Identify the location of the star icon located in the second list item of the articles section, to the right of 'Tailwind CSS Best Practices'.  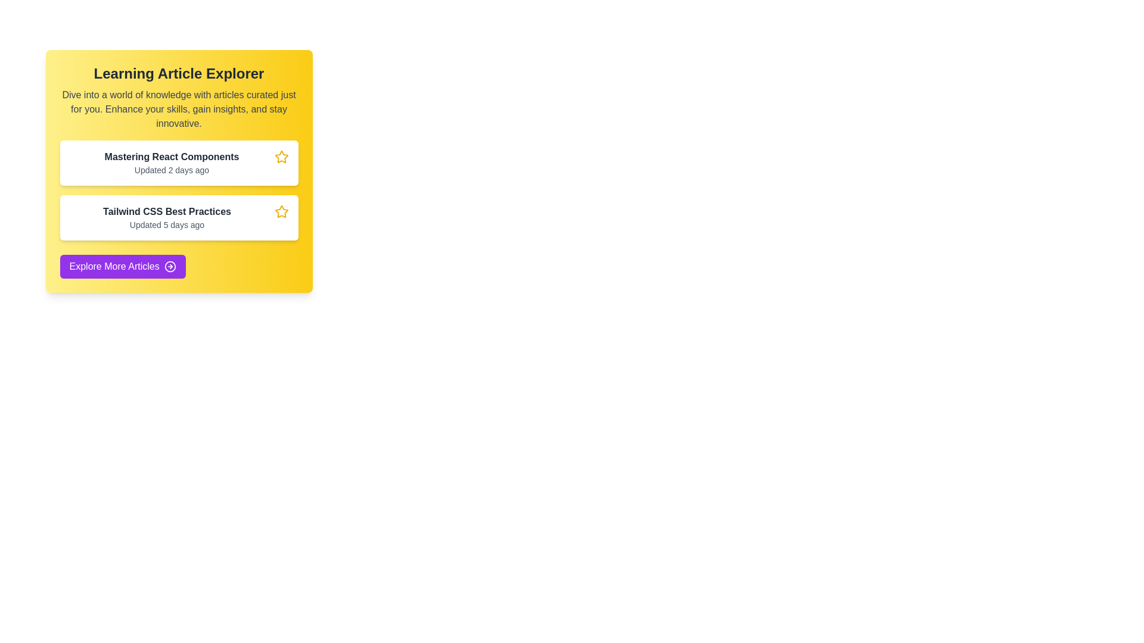
(281, 156).